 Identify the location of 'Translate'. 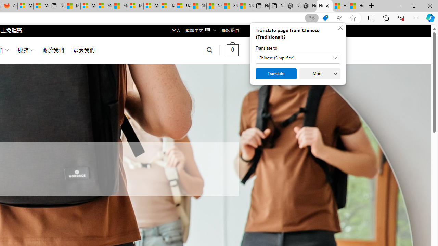
(276, 74).